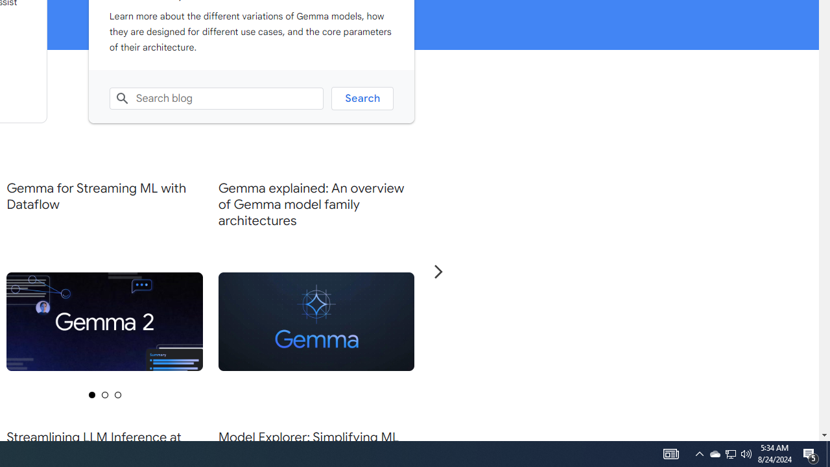 The width and height of the screenshot is (830, 467). What do you see at coordinates (217, 98) in the screenshot?
I see `'Search blog'` at bounding box center [217, 98].